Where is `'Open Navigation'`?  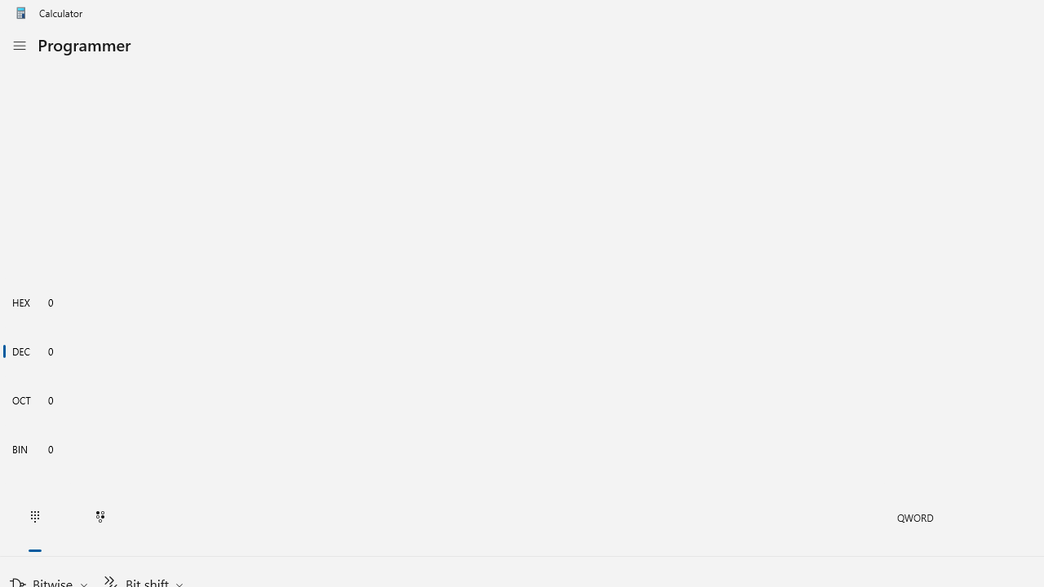
'Open Navigation' is located at coordinates (19, 45).